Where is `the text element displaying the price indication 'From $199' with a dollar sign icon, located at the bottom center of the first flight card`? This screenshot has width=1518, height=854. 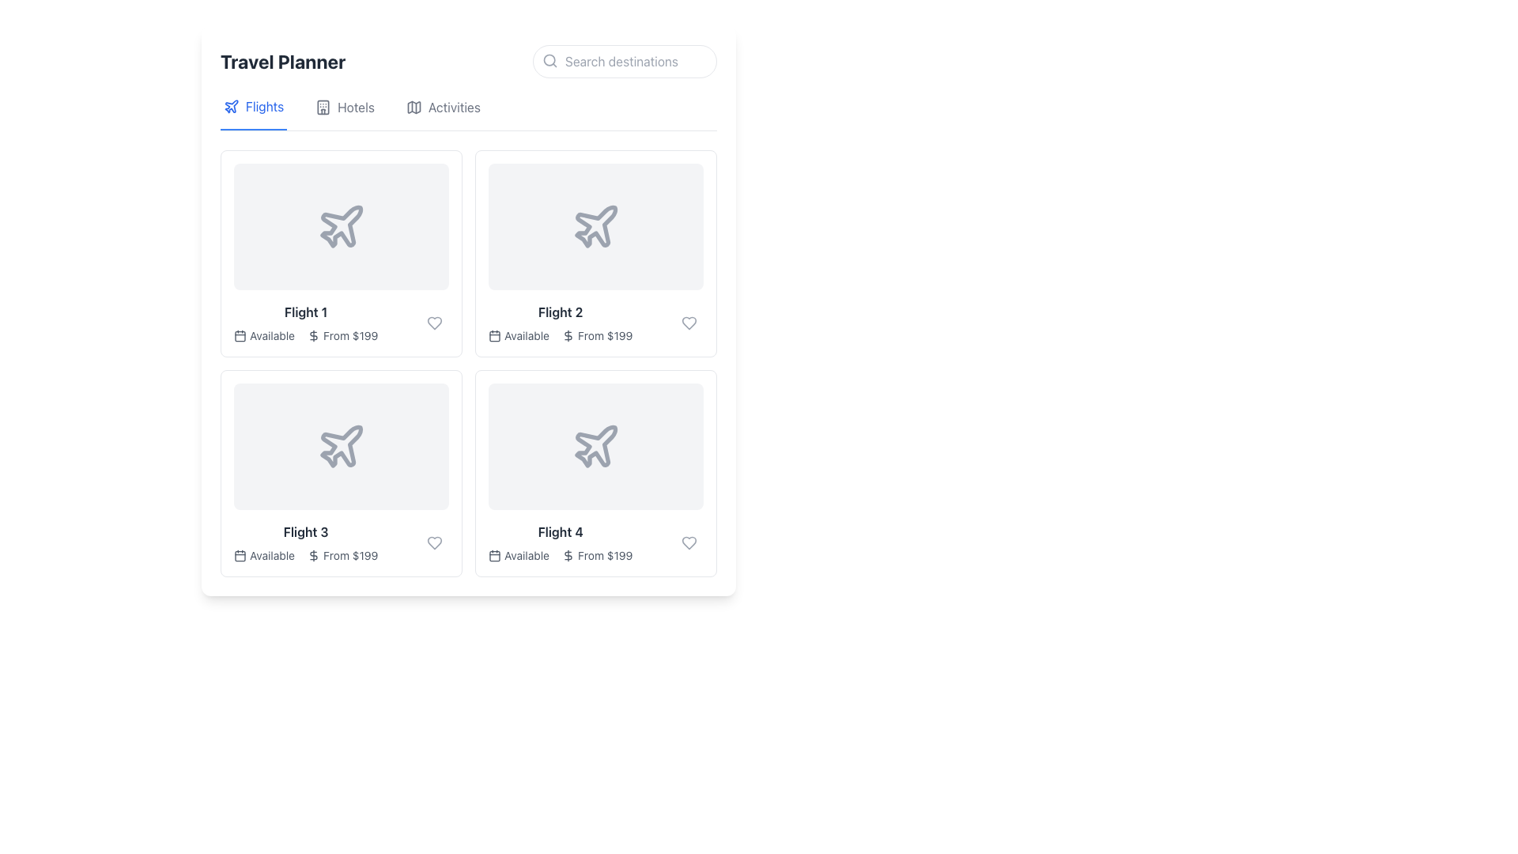 the text element displaying the price indication 'From $199' with a dollar sign icon, located at the bottom center of the first flight card is located at coordinates (342, 334).